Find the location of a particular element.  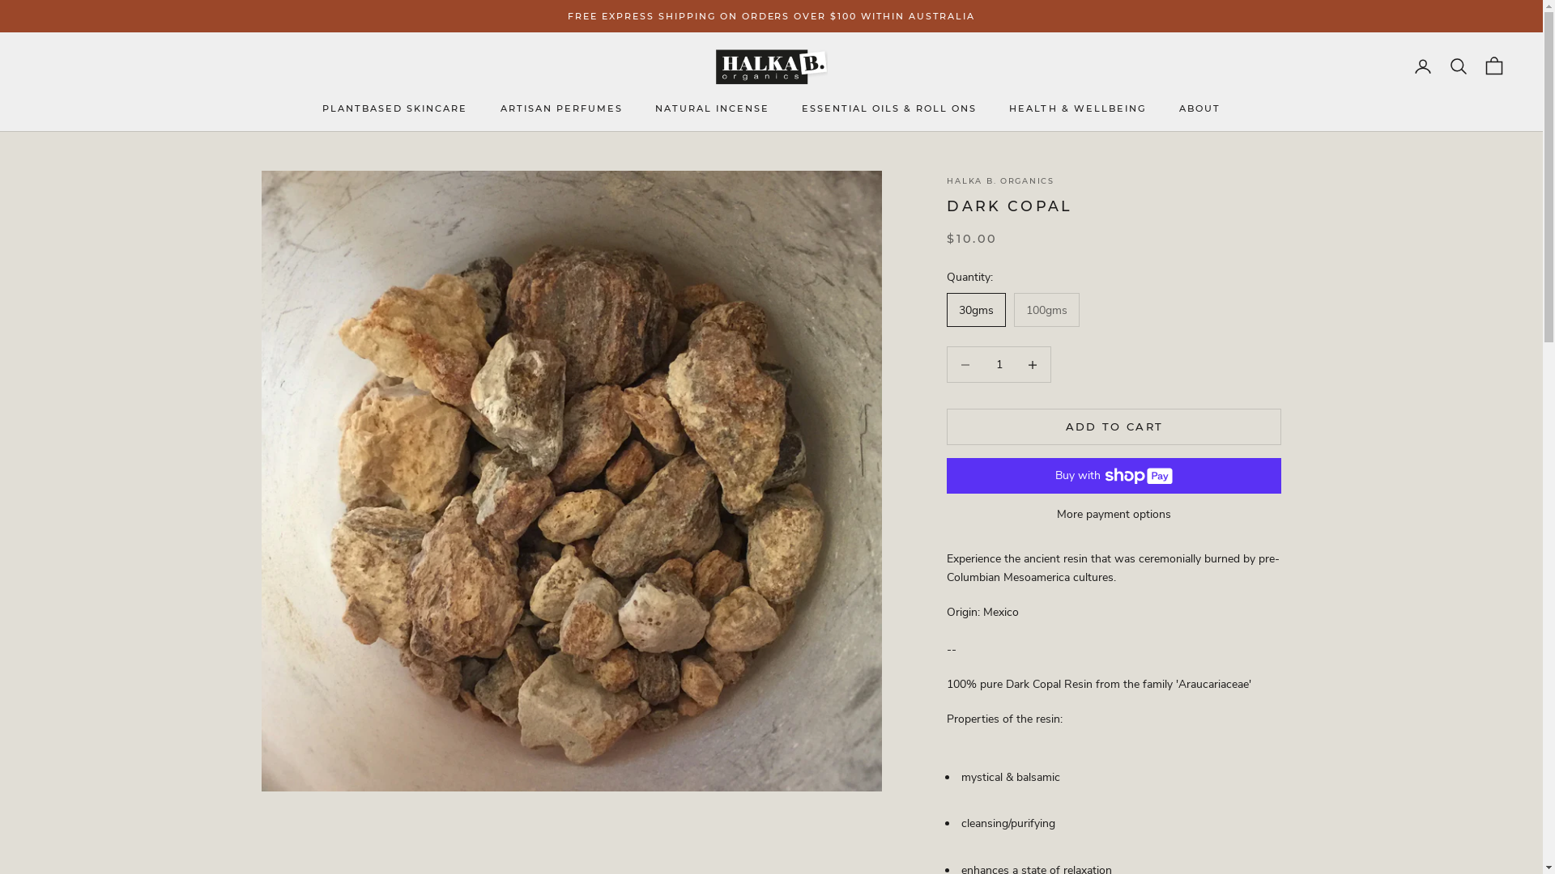

'More payment options' is located at coordinates (1113, 514).